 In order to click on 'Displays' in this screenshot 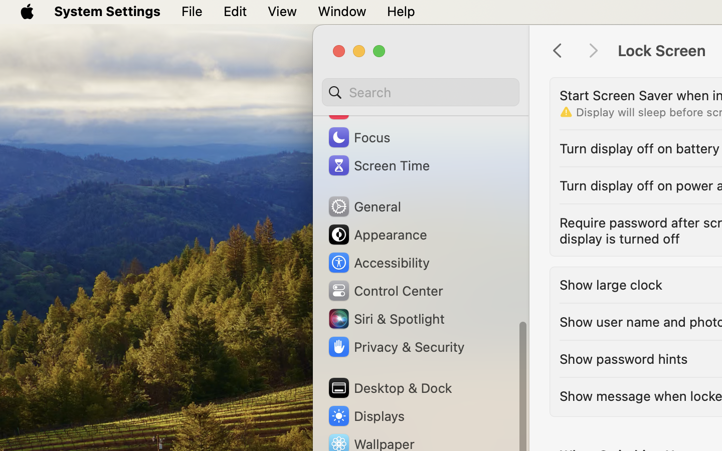, I will do `click(365, 415)`.